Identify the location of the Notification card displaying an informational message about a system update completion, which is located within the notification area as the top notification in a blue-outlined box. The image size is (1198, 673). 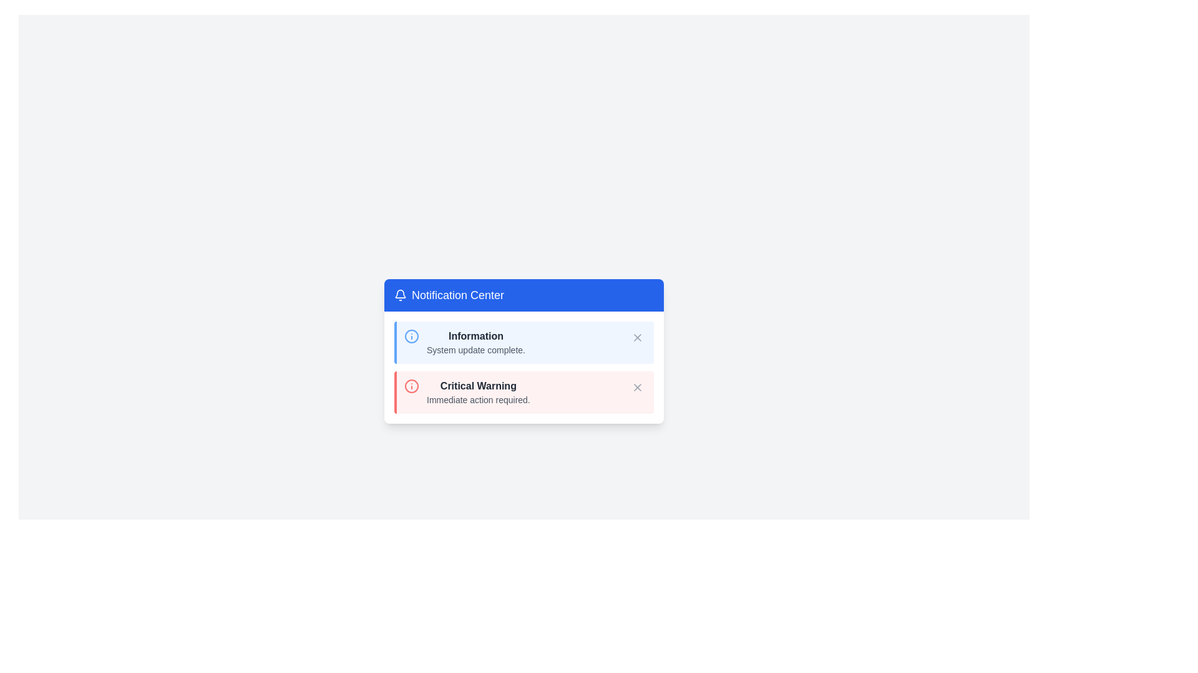
(525, 343).